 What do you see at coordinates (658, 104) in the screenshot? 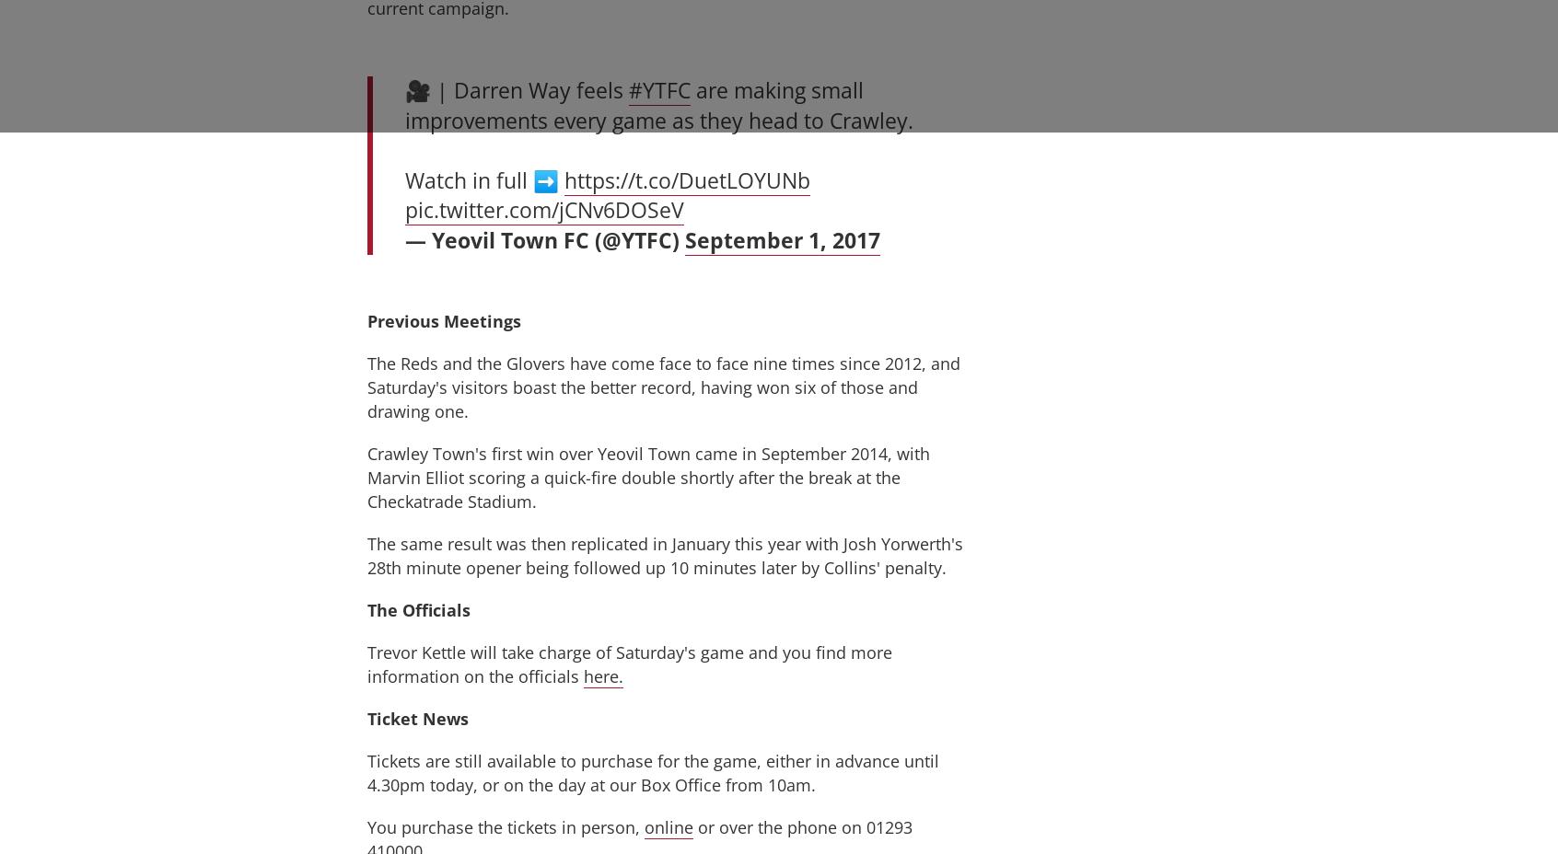
I see `'are making small improvements every game as they head to Crawley.'` at bounding box center [658, 104].